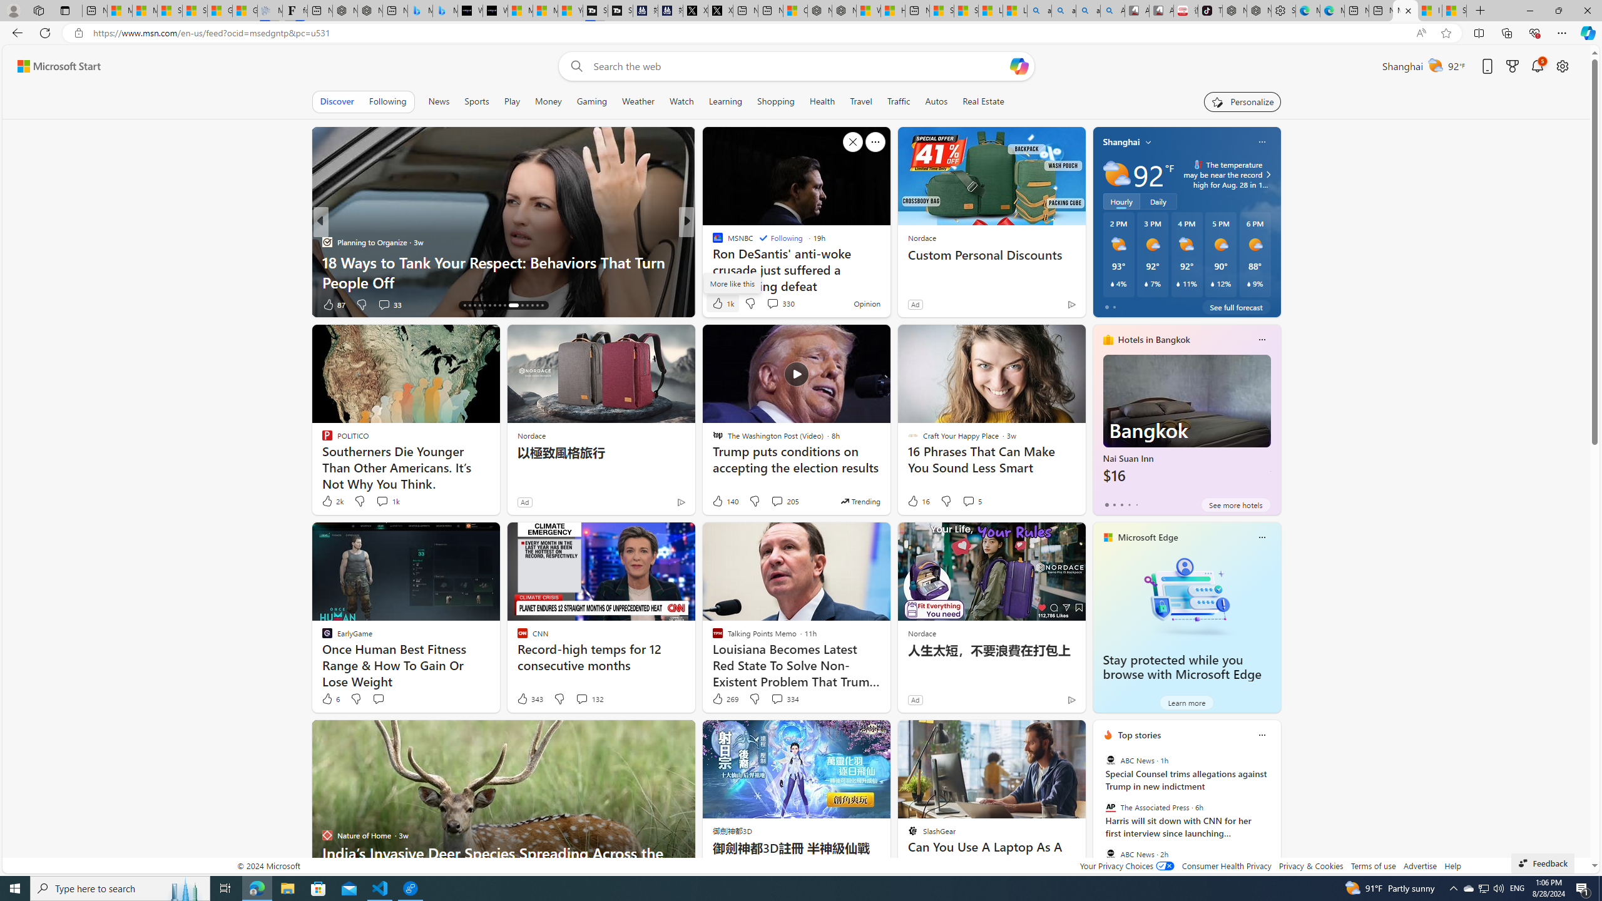 This screenshot has height=901, width=1602. I want to click on 'View comments 96 Comment', so click(778, 304).